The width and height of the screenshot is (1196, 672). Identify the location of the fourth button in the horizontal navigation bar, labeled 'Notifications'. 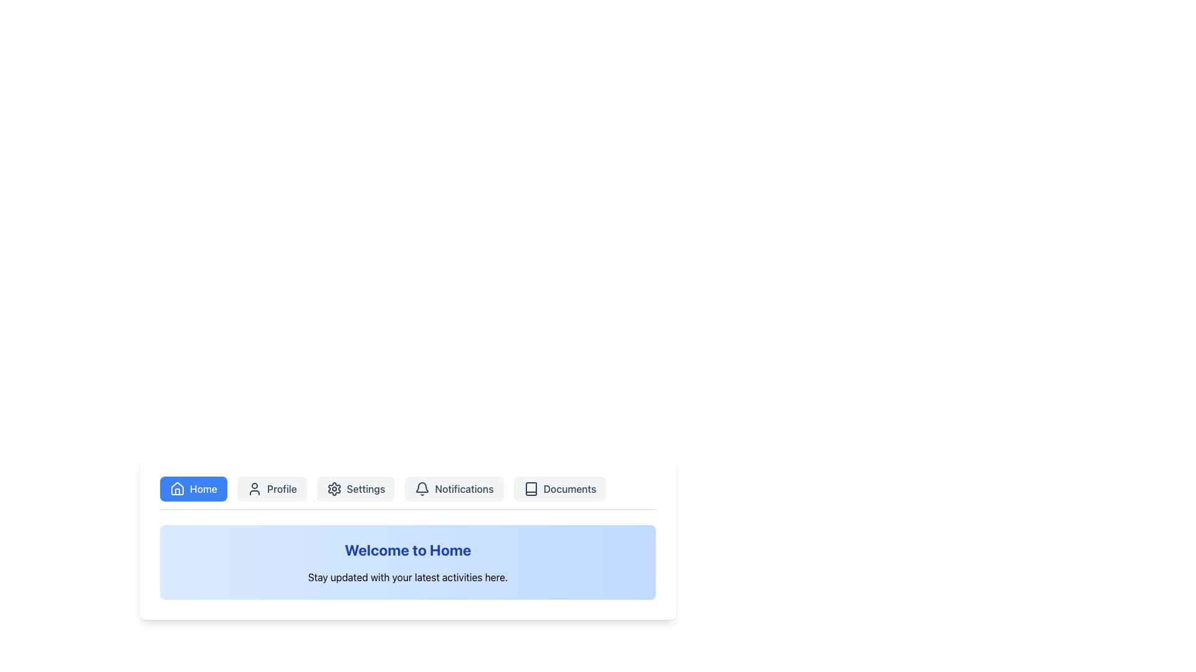
(453, 488).